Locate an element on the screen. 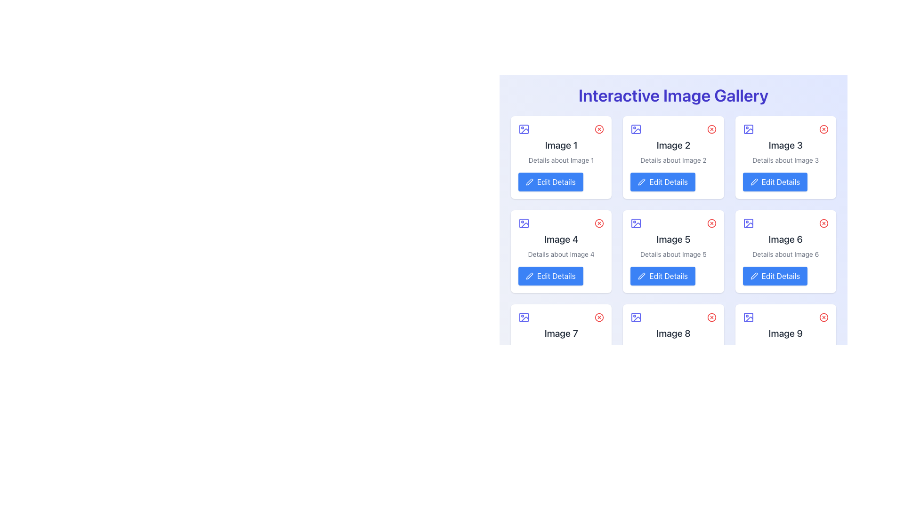  the 8th card in a grid layout that displays information about 'Image 8' and provides options to edit its details is located at coordinates (673, 346).